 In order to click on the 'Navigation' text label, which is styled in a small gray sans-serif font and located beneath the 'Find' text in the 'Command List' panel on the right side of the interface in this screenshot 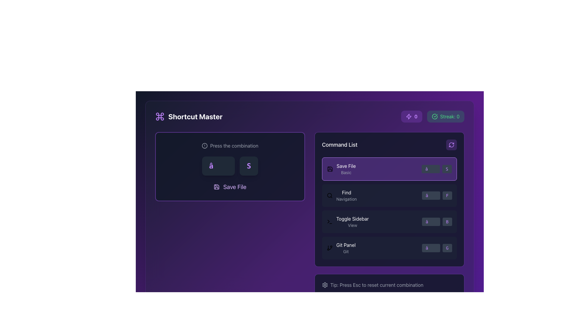, I will do `click(346, 199)`.